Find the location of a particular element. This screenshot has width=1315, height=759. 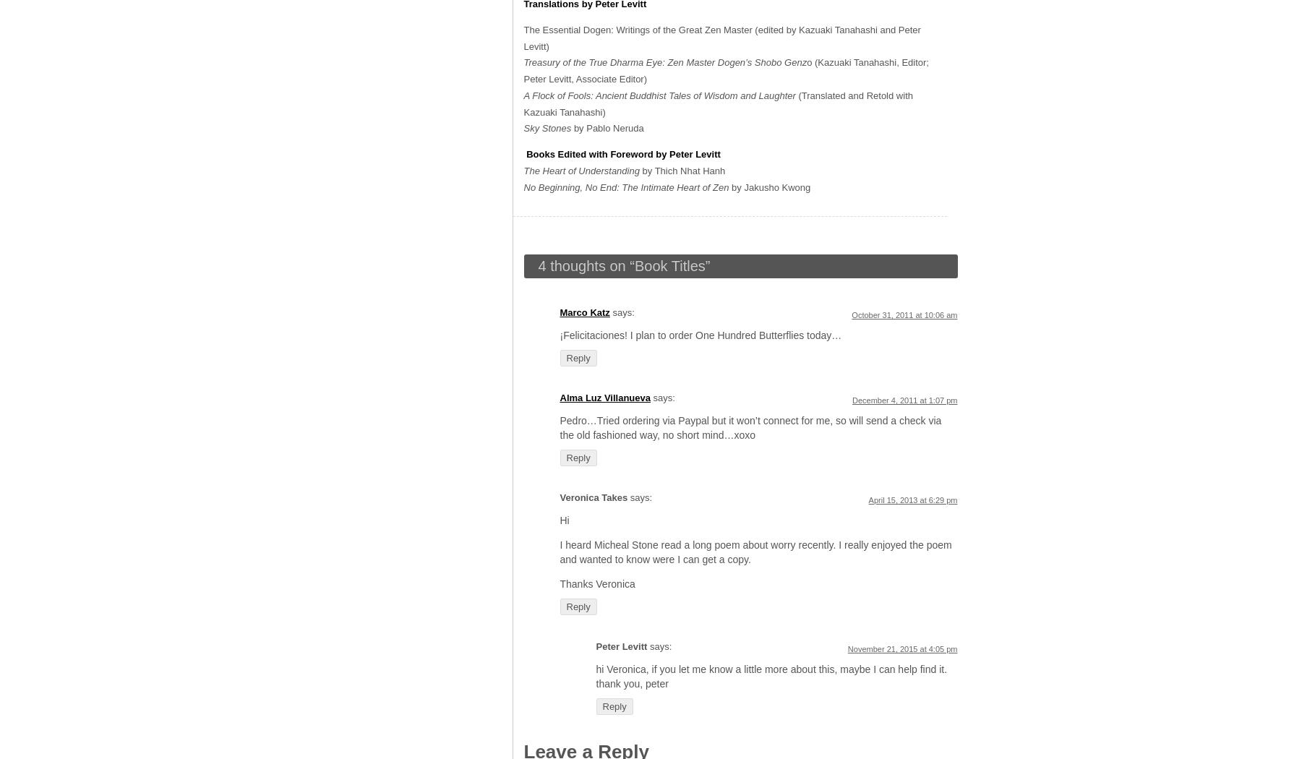

'hi Veronica,  if you let me know a little more about this, maybe I can help find it.  thank you, peter' is located at coordinates (771, 676).